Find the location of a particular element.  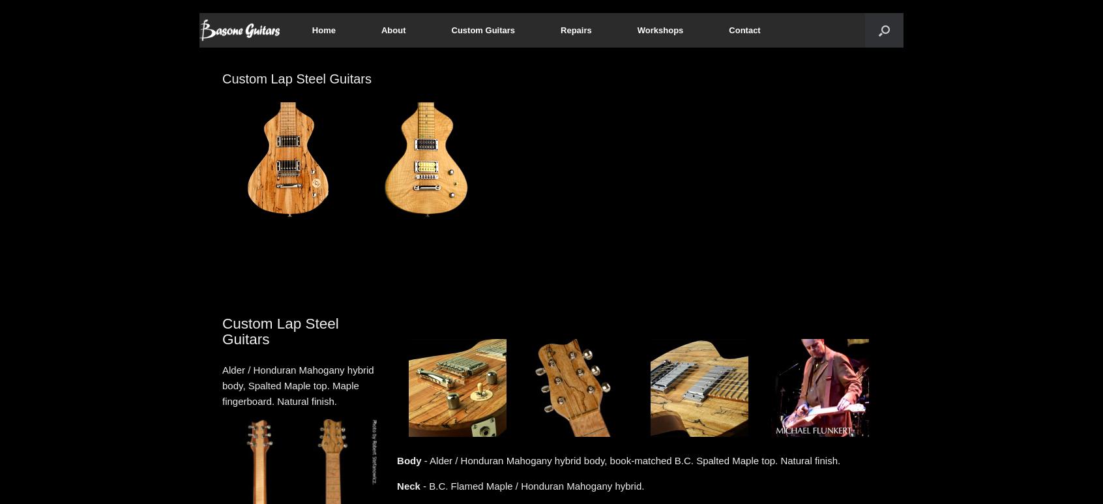

'About' is located at coordinates (392, 29).